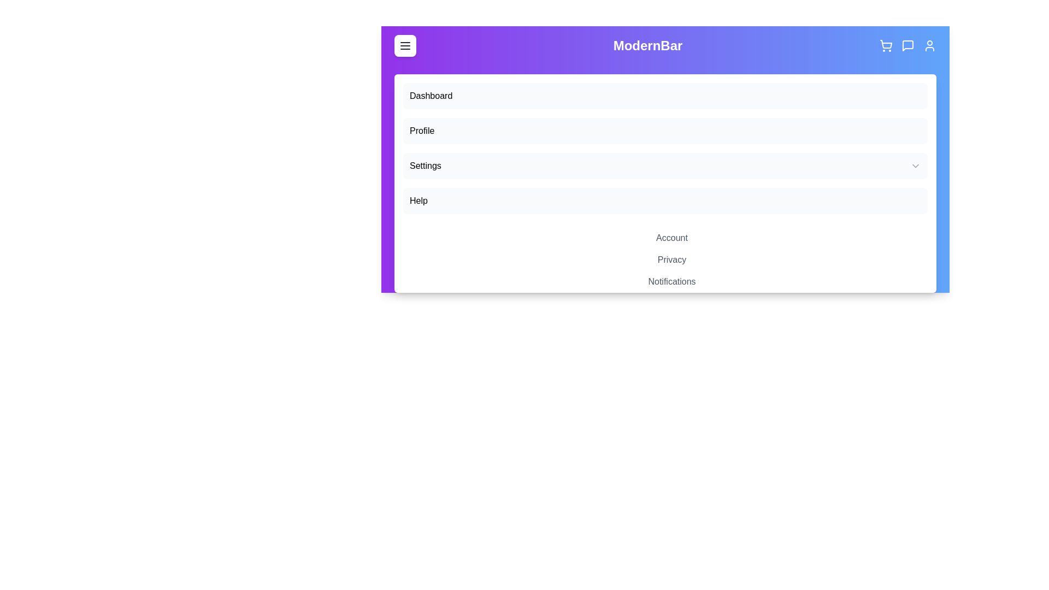  I want to click on the sub-option Account under the 'Settings' dropdown, so click(671, 237).